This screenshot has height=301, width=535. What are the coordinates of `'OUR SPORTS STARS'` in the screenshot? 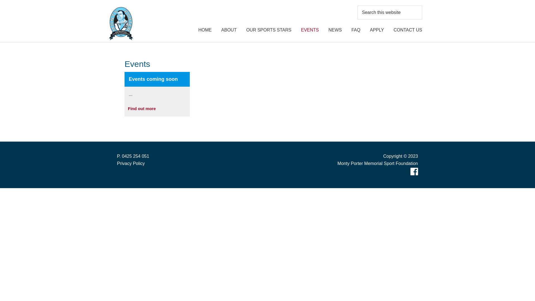 It's located at (269, 30).